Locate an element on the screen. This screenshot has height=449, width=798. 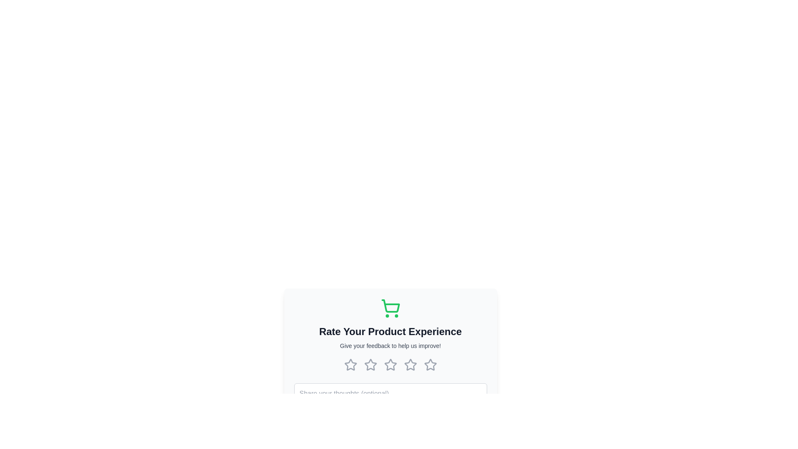
the second star icon in the rating system is located at coordinates (370, 365).